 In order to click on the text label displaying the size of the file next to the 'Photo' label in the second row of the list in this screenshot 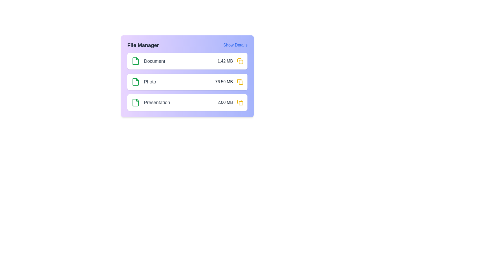, I will do `click(229, 81)`.